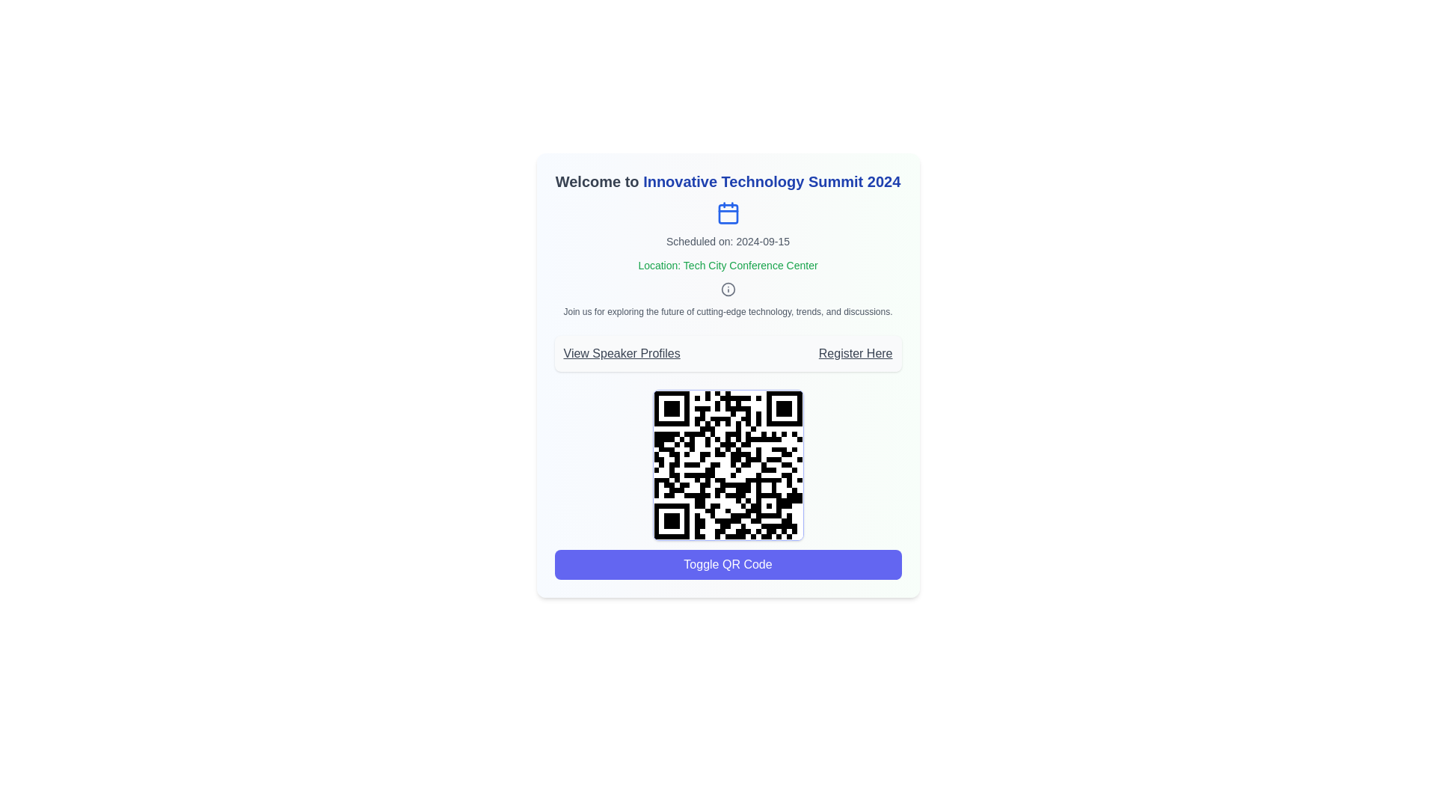  Describe the element at coordinates (728, 244) in the screenshot. I see `the calendar icon in the Informative section of the technology summit layout` at that location.